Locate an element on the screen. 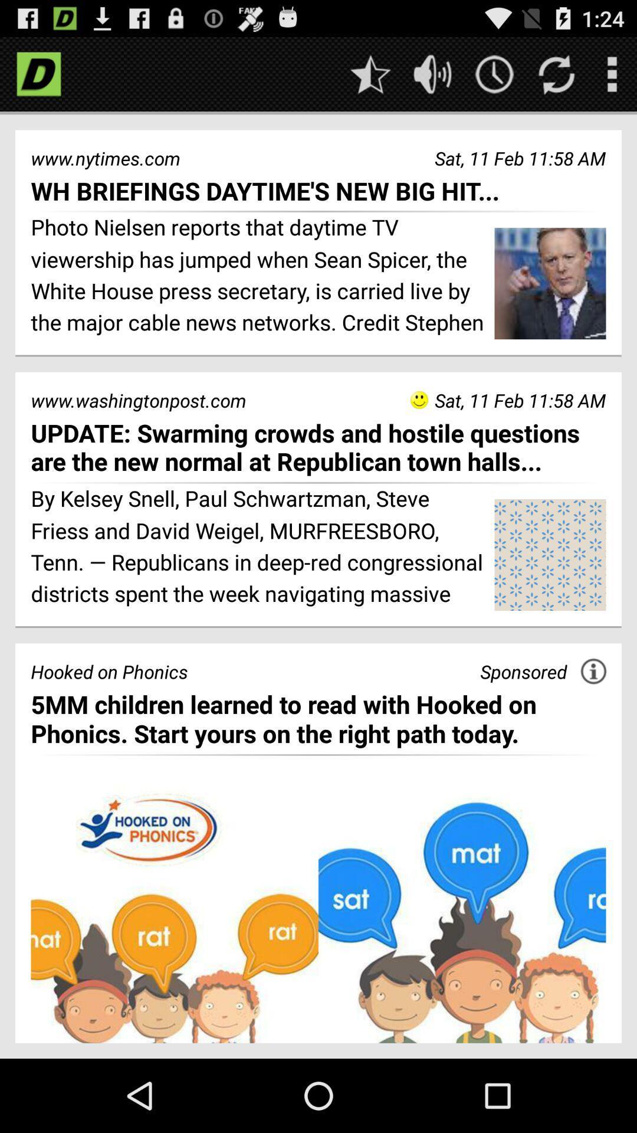  icon above the 5mm children learned is located at coordinates (523, 672).